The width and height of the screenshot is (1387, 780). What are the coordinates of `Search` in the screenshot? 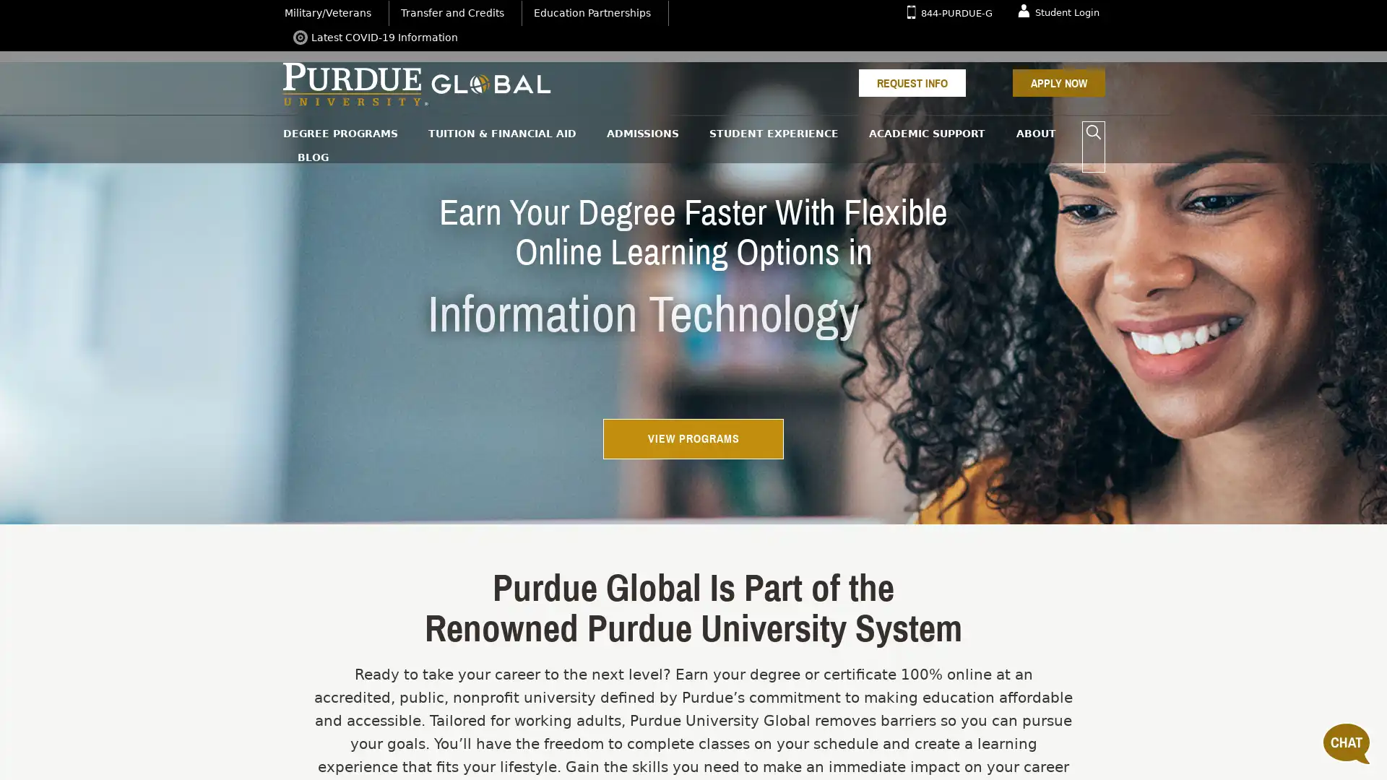 It's located at (1093, 133).